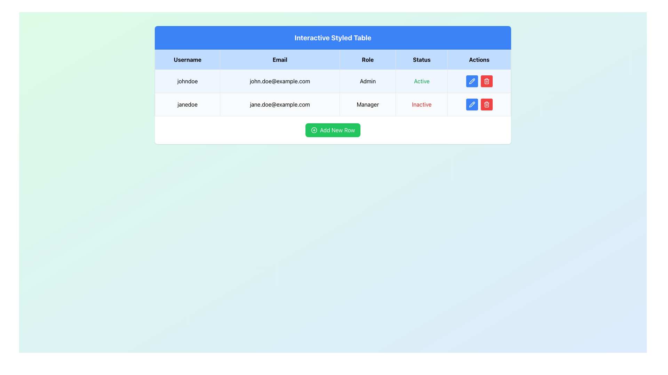 The image size is (668, 375). Describe the element at coordinates (188, 59) in the screenshot. I see `the 'Username' text header in the table, which is the first column header styled with a blue background and bold text` at that location.